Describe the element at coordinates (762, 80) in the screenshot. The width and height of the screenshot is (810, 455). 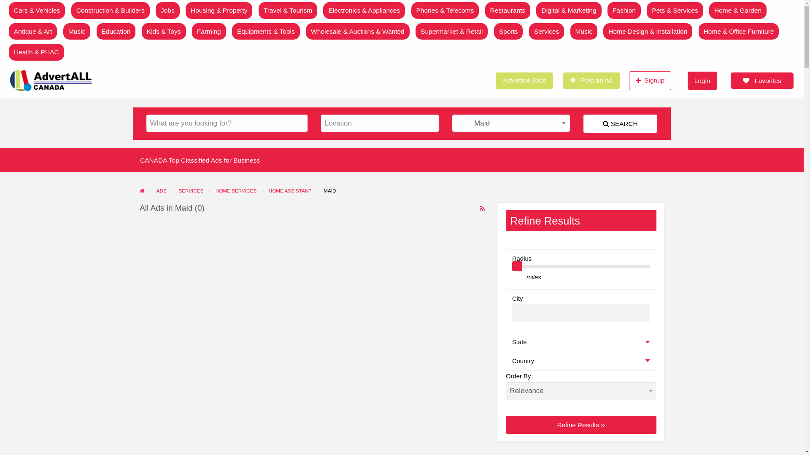
I see `'Favorites'` at that location.